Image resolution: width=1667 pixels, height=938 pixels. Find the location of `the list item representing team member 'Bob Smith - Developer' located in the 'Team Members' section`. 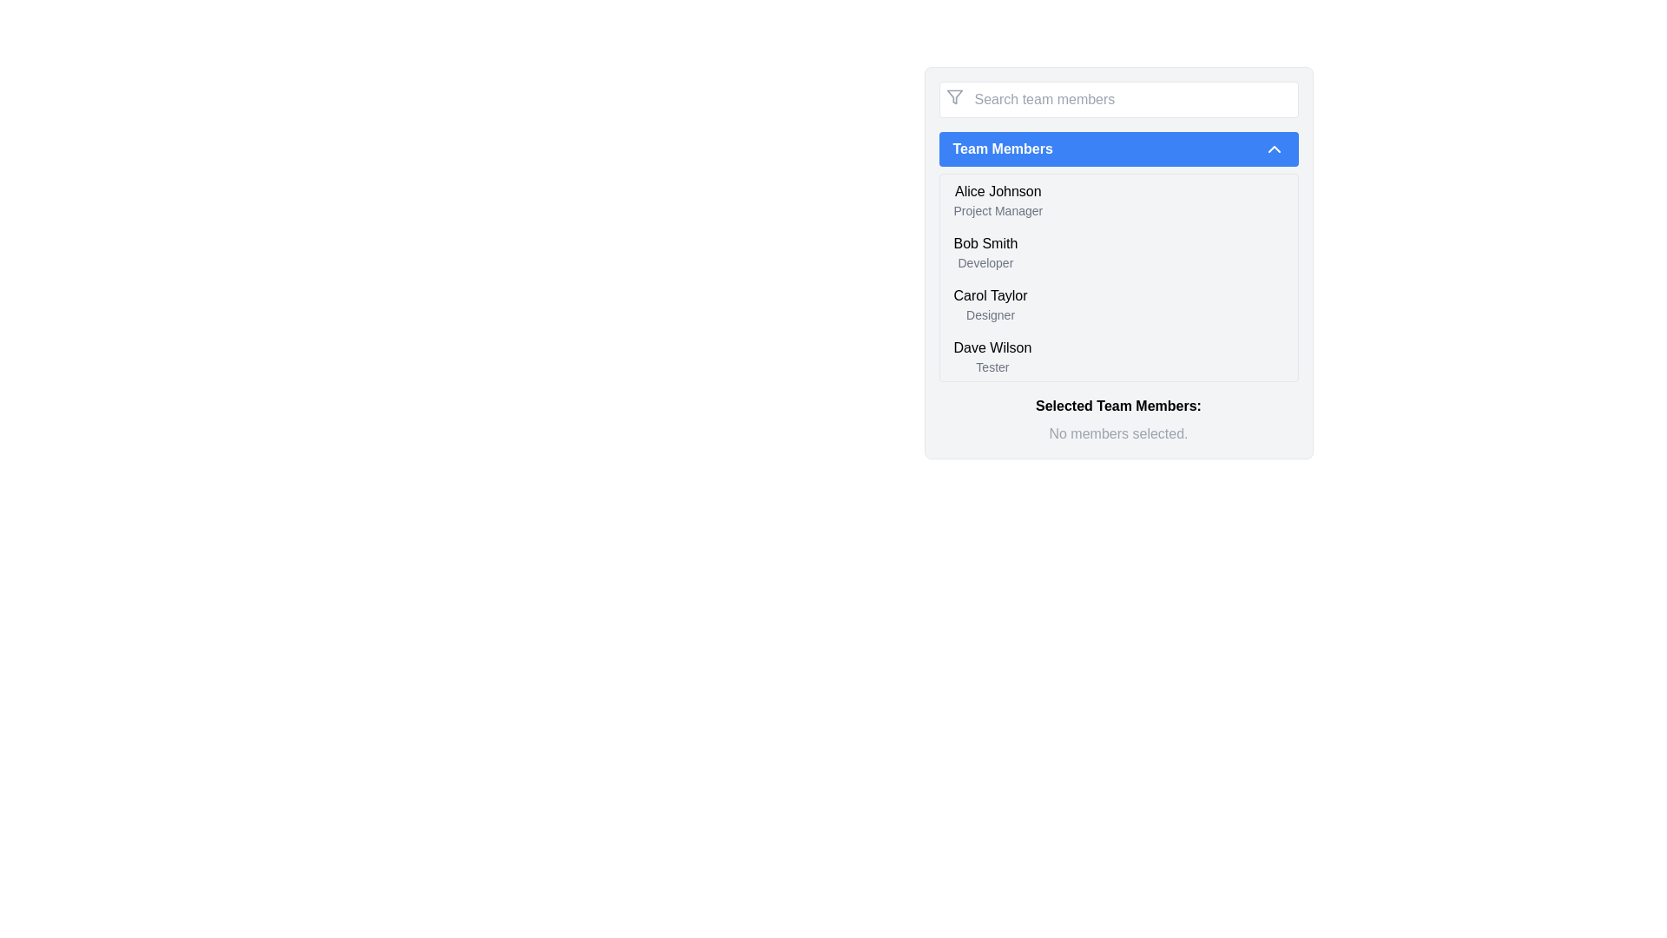

the list item representing team member 'Bob Smith - Developer' located in the 'Team Members' section is located at coordinates (1118, 252).